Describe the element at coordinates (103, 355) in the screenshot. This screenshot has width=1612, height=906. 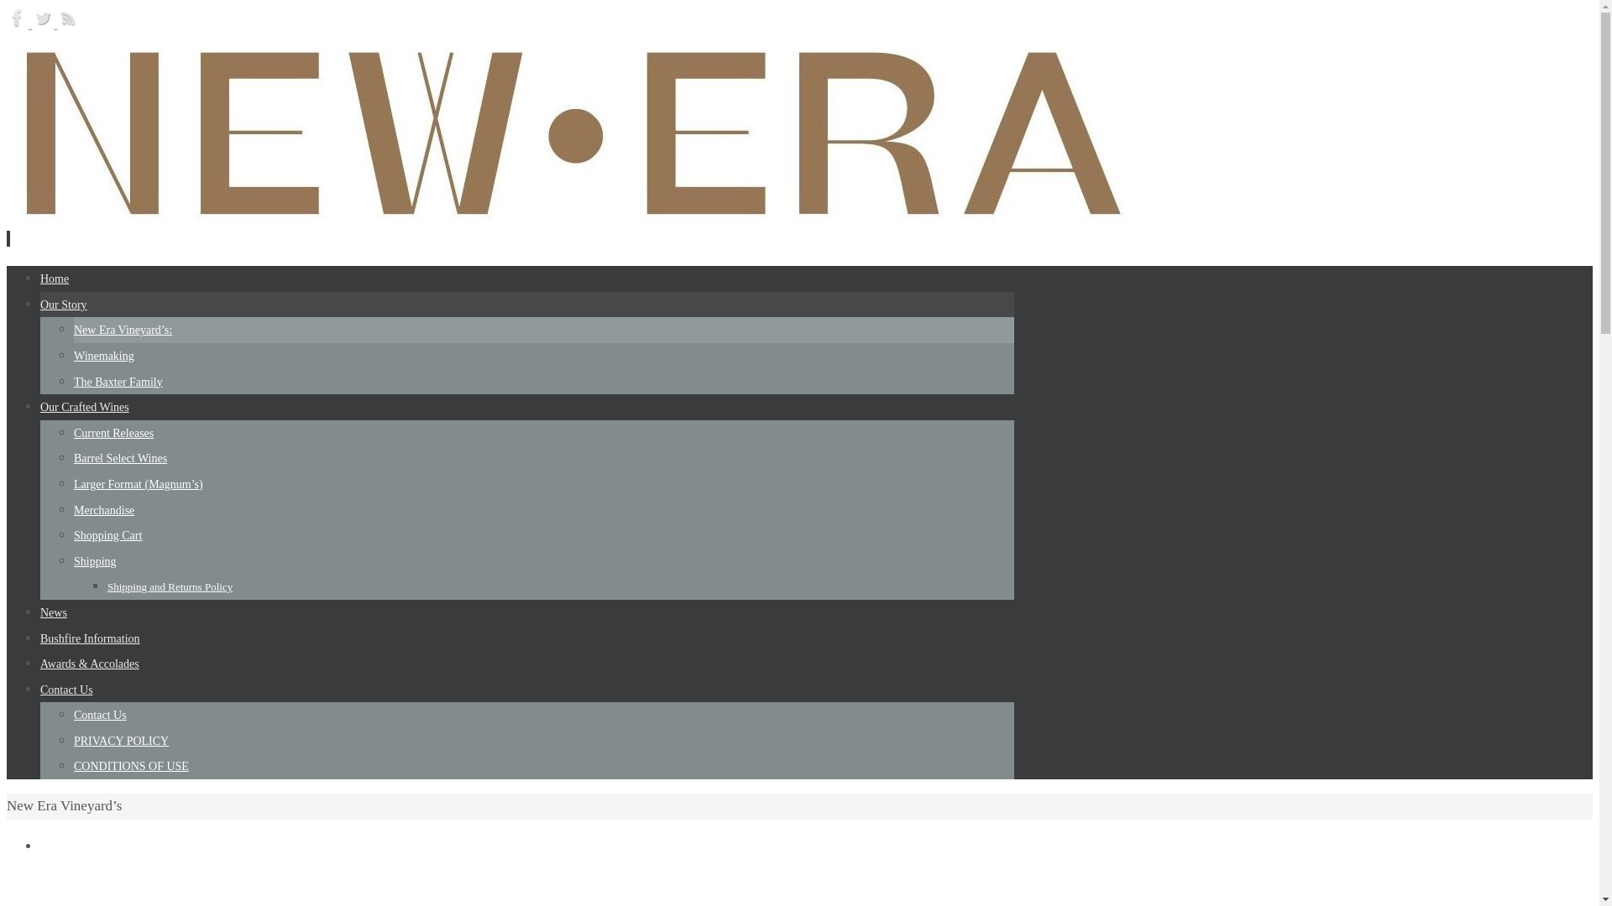
I see `'Winemaking'` at that location.